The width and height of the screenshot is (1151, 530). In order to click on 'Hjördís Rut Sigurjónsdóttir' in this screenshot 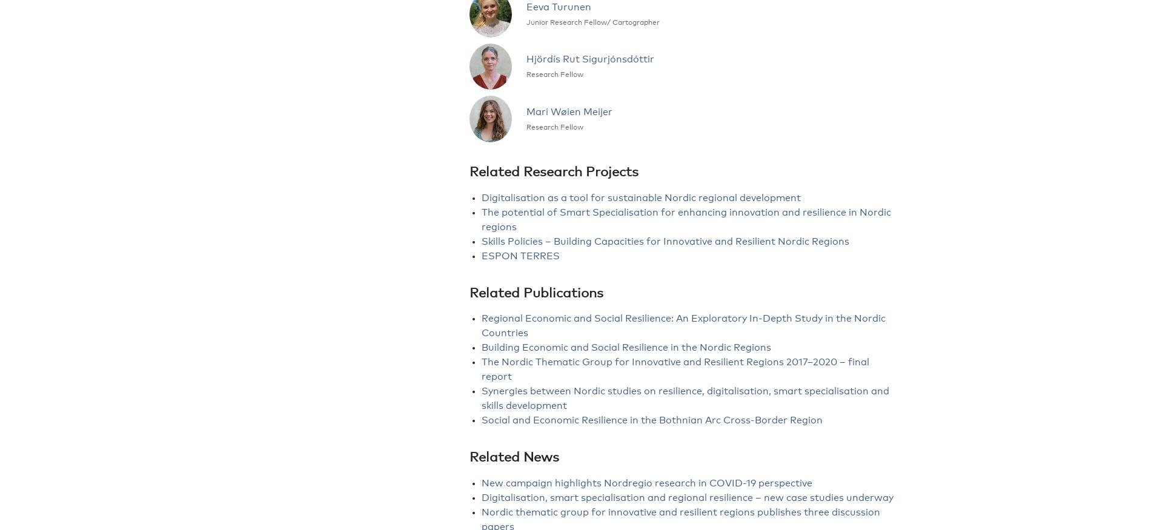, I will do `click(590, 59)`.